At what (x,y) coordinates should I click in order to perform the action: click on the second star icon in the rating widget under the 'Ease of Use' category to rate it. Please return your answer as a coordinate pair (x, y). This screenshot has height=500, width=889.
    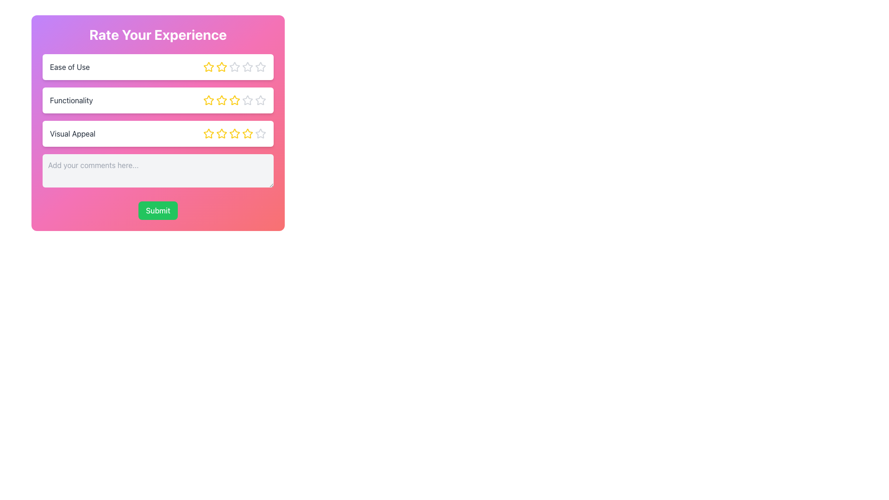
    Looking at the image, I should click on (221, 67).